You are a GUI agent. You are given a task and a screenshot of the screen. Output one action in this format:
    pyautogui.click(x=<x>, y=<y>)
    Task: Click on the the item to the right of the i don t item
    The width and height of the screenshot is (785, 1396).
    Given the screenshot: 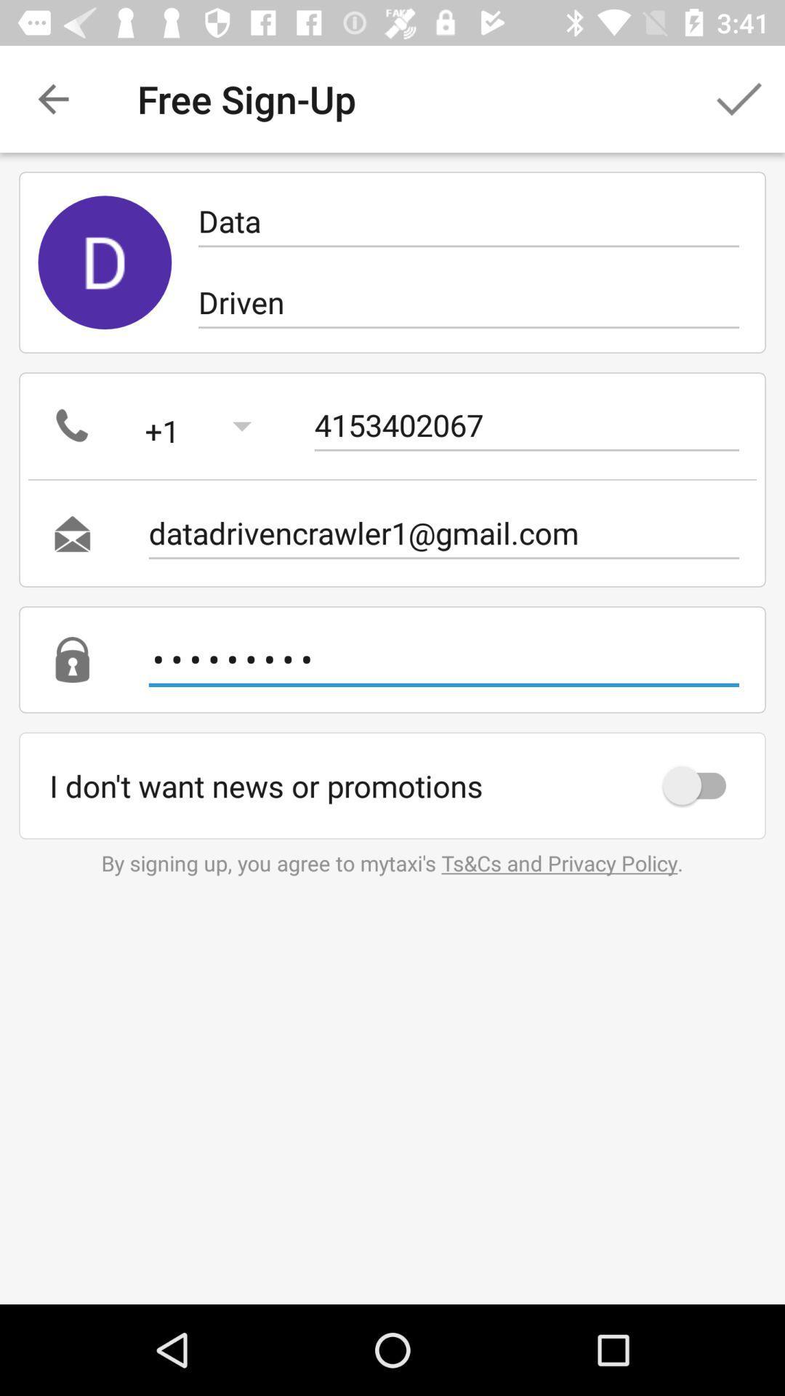 What is the action you would take?
    pyautogui.click(x=701, y=785)
    